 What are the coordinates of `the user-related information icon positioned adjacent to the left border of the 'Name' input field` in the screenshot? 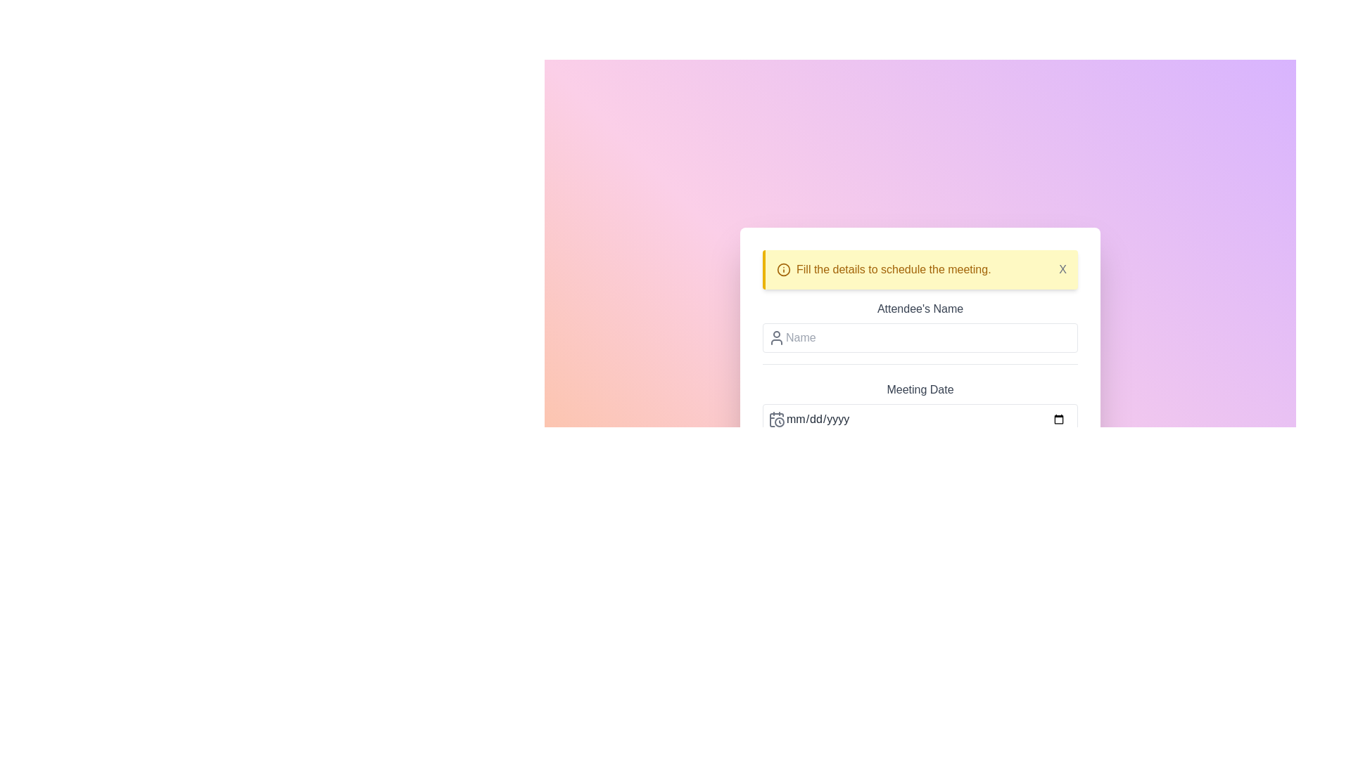 It's located at (776, 338).